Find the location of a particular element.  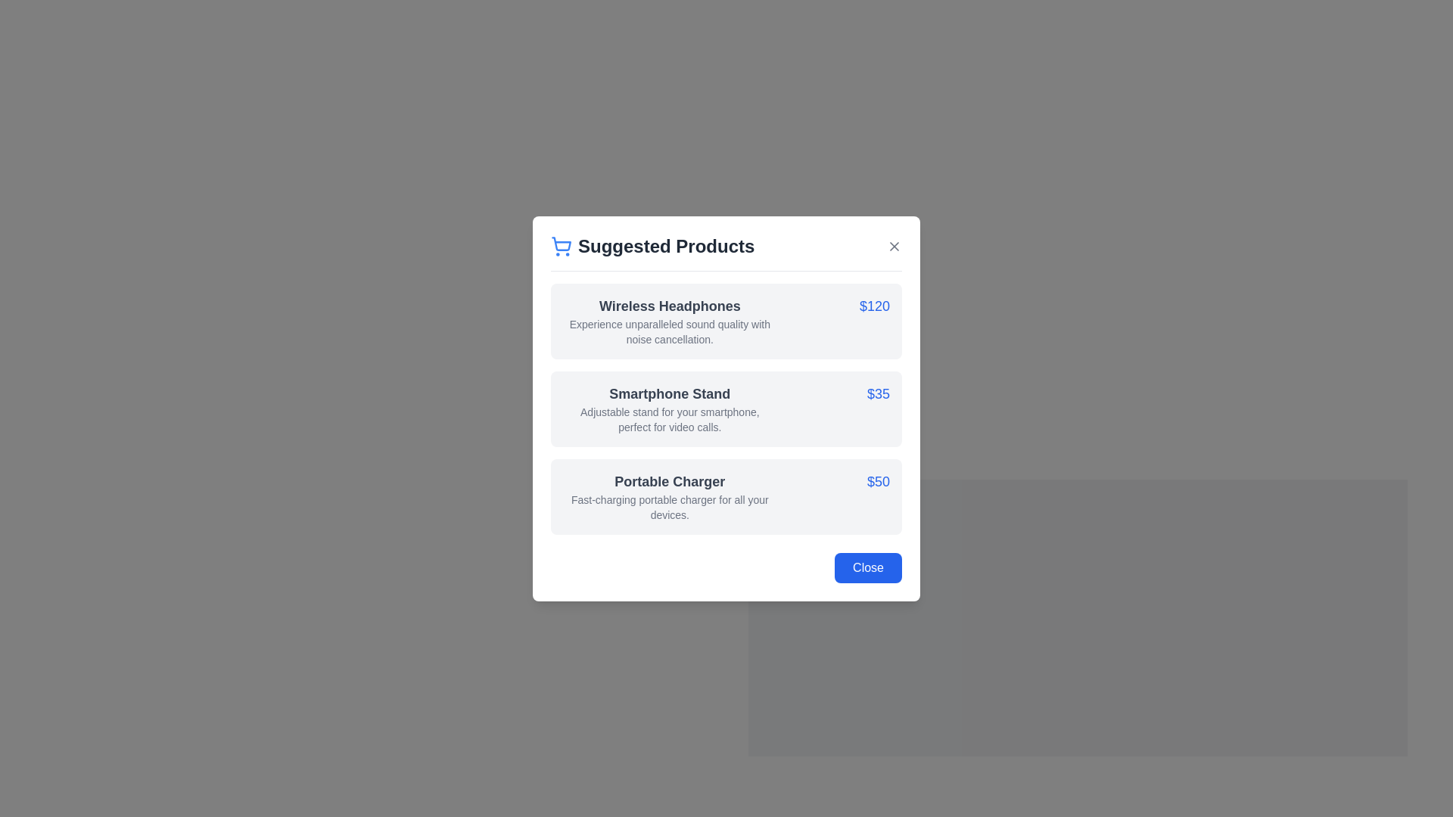

the close/dismiss icon represented by a thin diagonal cross shape in the top-right corner of the 'Suggested Products' panel is located at coordinates (894, 244).